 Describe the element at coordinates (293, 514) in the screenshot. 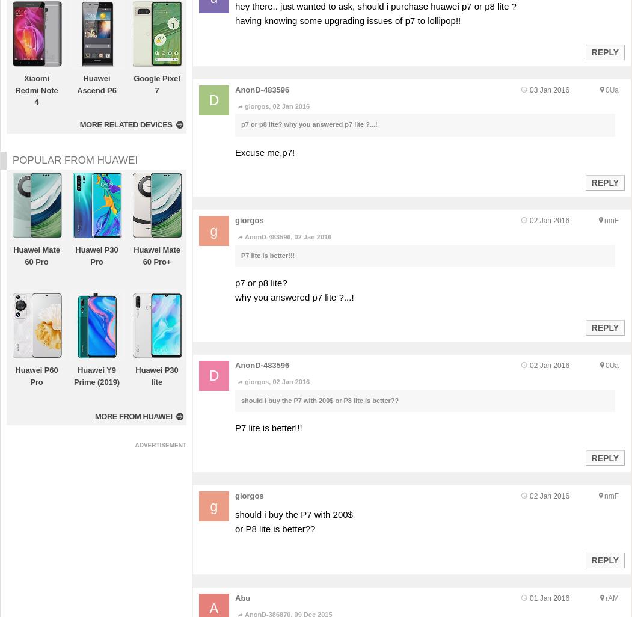

I see `'should i buy the P7 with 200$'` at that location.